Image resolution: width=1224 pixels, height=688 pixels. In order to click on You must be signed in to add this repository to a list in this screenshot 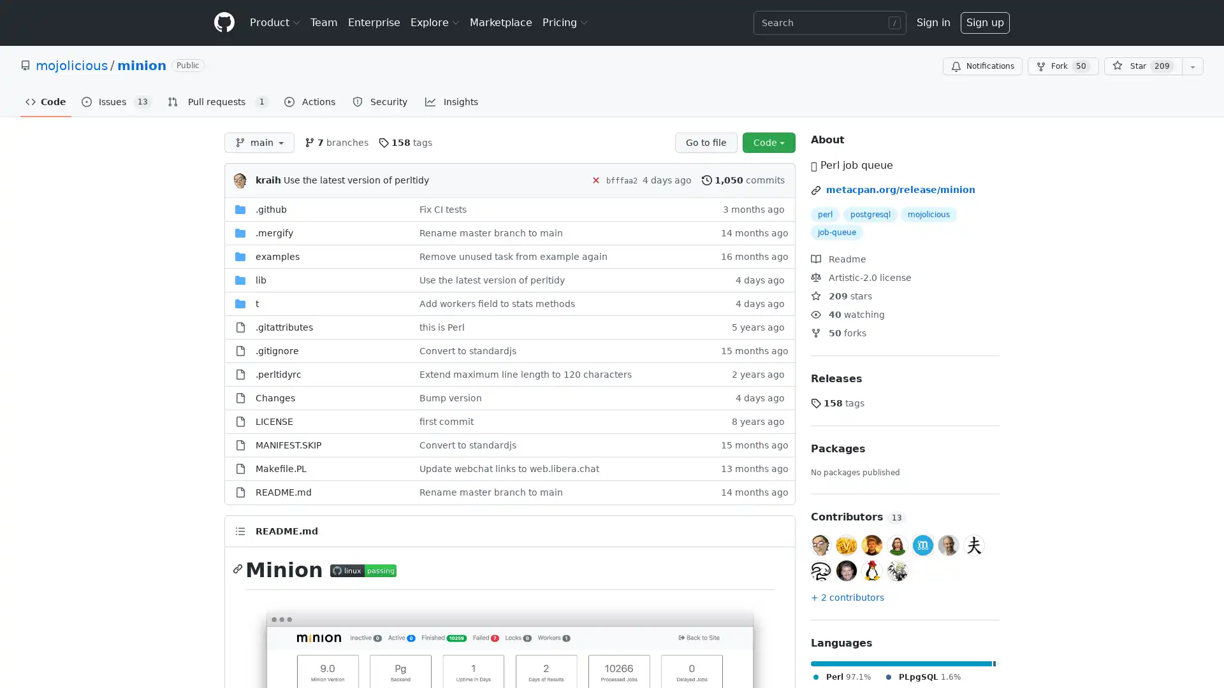, I will do `click(1192, 66)`.